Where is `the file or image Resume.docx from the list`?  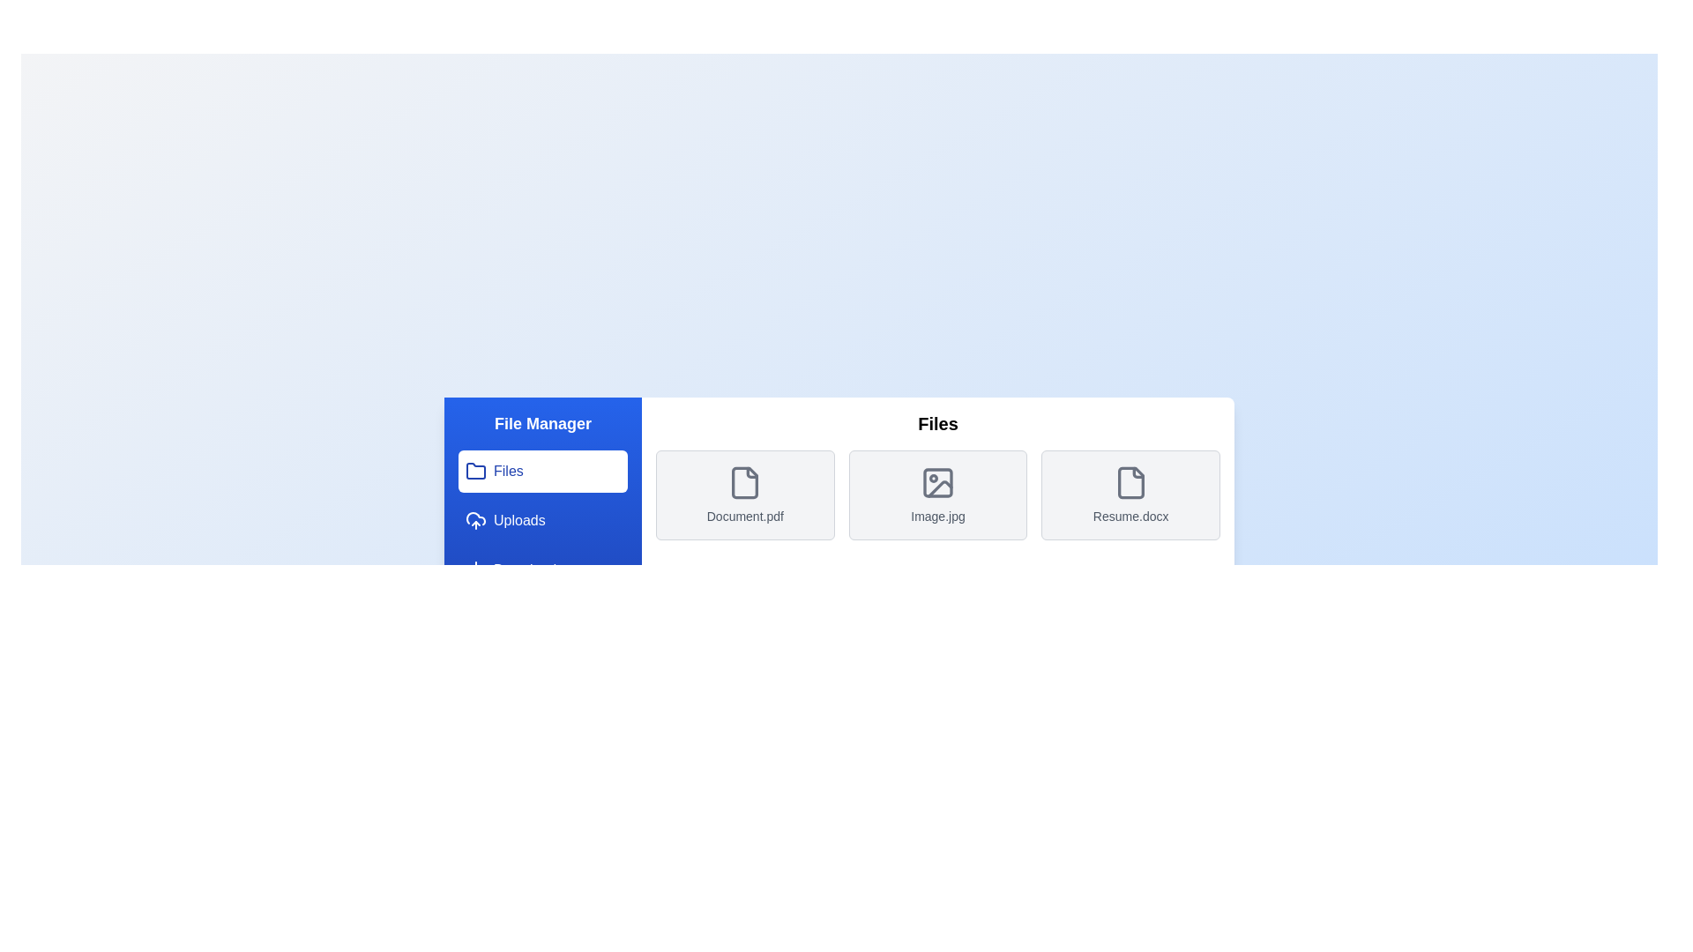
the file or image Resume.docx from the list is located at coordinates (1130, 495).